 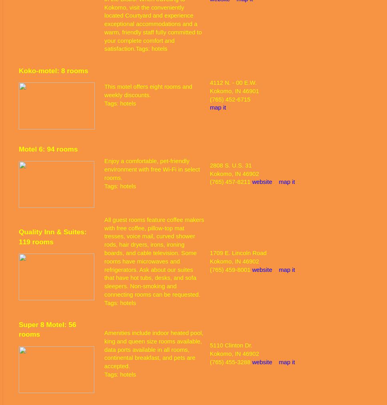 I want to click on '(765) 455-3288', so click(x=231, y=361).